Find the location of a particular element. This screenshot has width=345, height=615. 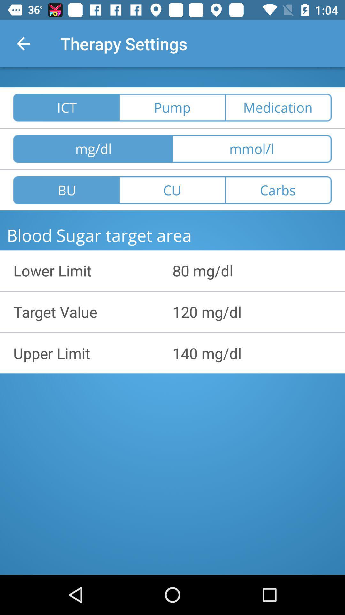

item next to the cu is located at coordinates (278, 190).